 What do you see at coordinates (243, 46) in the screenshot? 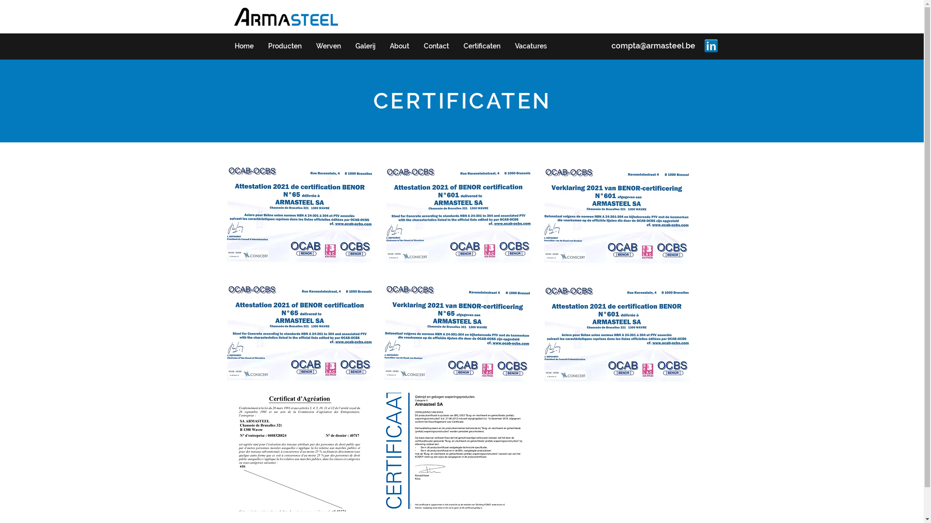
I see `'Home'` at bounding box center [243, 46].